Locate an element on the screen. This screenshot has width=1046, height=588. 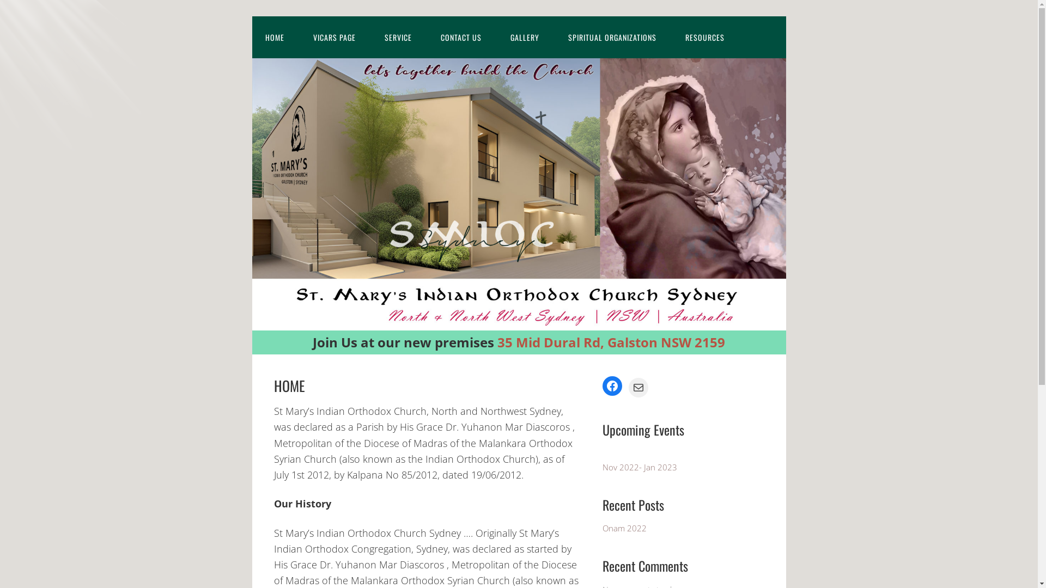
'Nov 2022- Jan 2023' is located at coordinates (640, 466).